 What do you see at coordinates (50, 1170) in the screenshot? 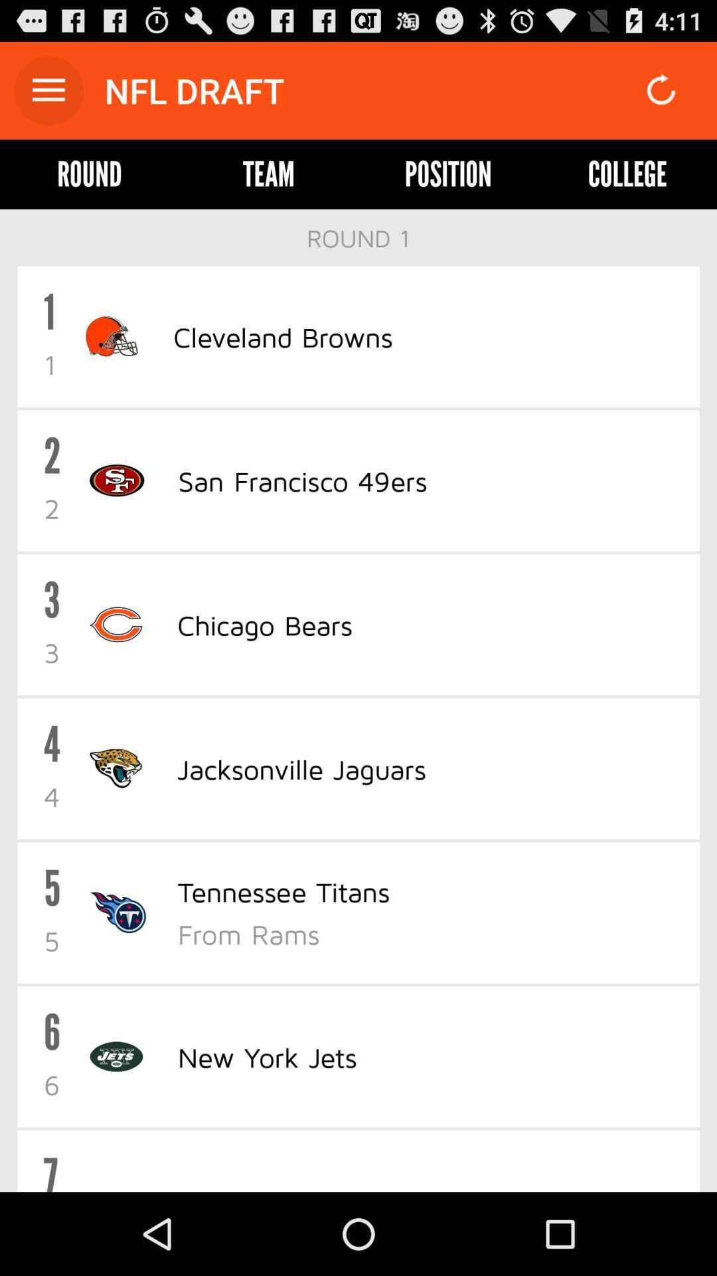
I see `the 7 item` at bounding box center [50, 1170].